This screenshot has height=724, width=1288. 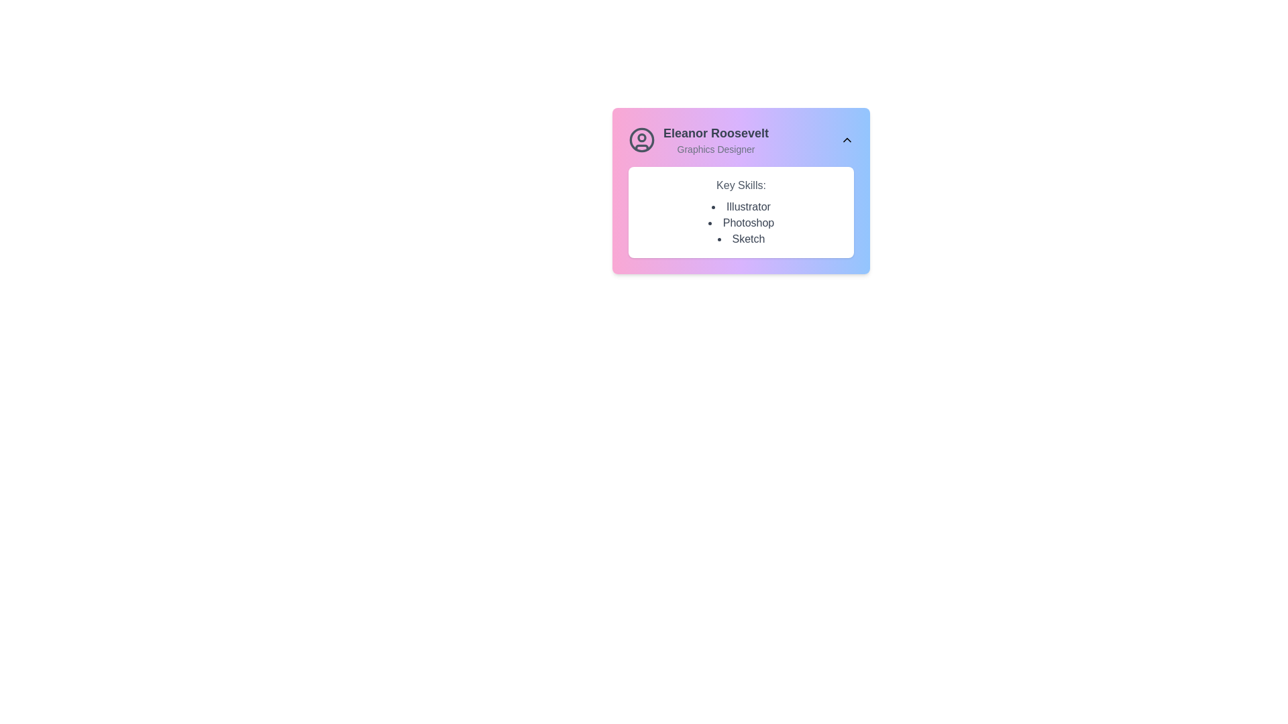 What do you see at coordinates (740, 239) in the screenshot?
I see `the 'Sketch' skill text label, which is the third item in the 'Key Skills' section of the profile card` at bounding box center [740, 239].